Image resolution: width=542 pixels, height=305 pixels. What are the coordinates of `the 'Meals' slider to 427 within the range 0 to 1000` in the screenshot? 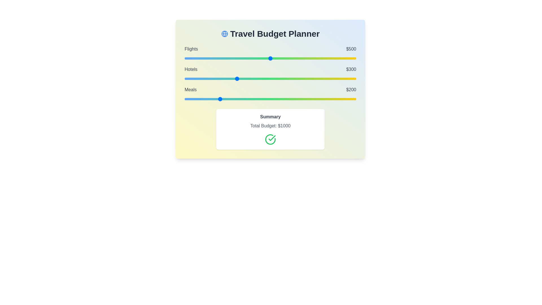 It's located at (257, 99).